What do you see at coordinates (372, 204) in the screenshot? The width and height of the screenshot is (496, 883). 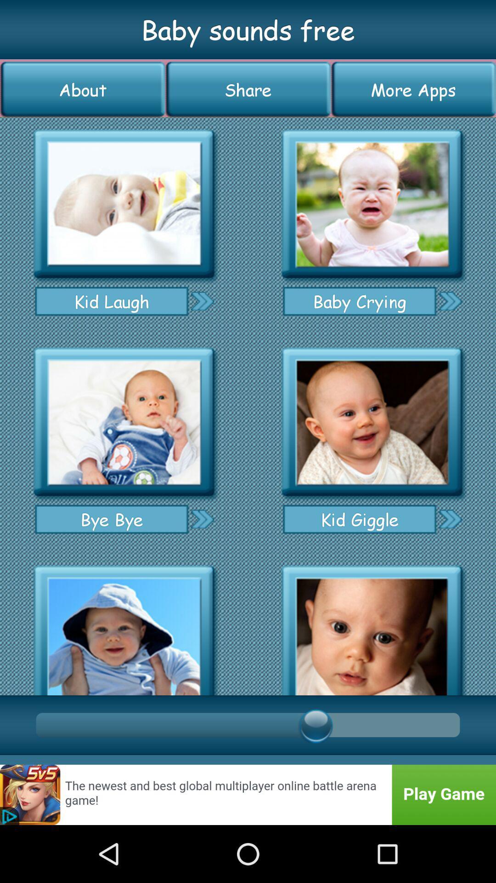 I see `crying baby sound` at bounding box center [372, 204].